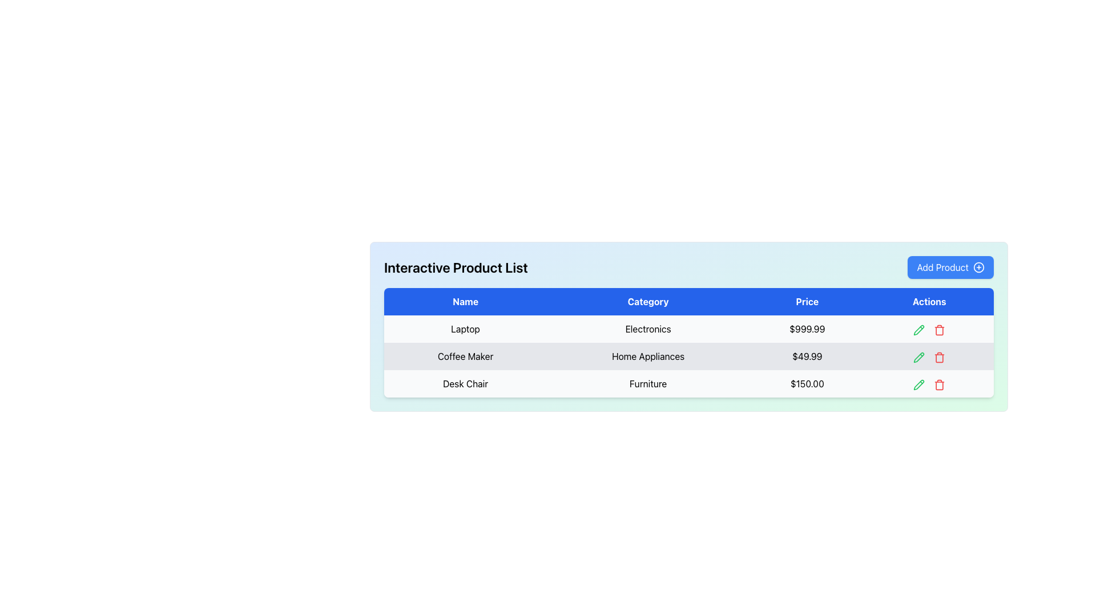 The width and height of the screenshot is (1096, 616). Describe the element at coordinates (940, 383) in the screenshot. I see `the interactive red trash can icon in the 'Actions' column of the last row` at that location.